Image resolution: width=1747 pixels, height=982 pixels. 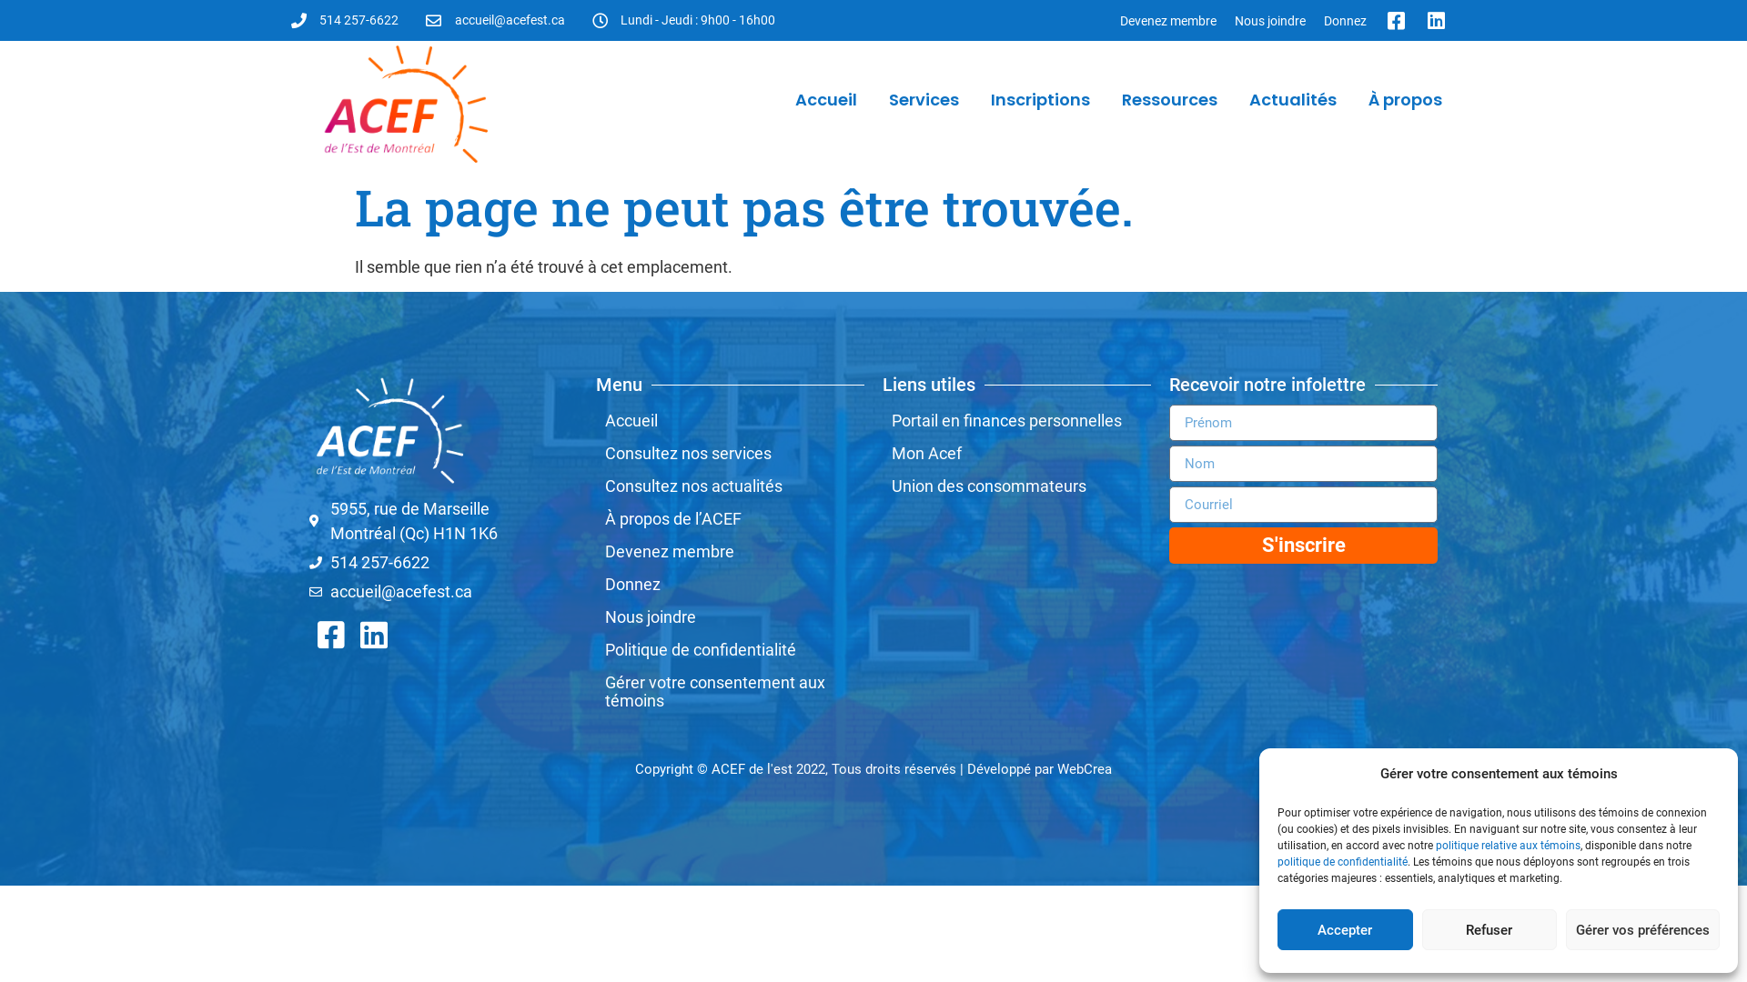 I want to click on 'Devenez membre', so click(x=1167, y=20).